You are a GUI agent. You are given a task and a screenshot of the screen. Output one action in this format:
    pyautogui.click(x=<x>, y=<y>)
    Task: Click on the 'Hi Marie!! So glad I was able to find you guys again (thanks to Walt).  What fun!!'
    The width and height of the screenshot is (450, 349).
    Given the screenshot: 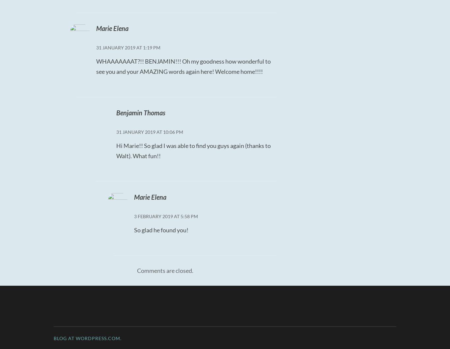 What is the action you would take?
    pyautogui.click(x=193, y=150)
    